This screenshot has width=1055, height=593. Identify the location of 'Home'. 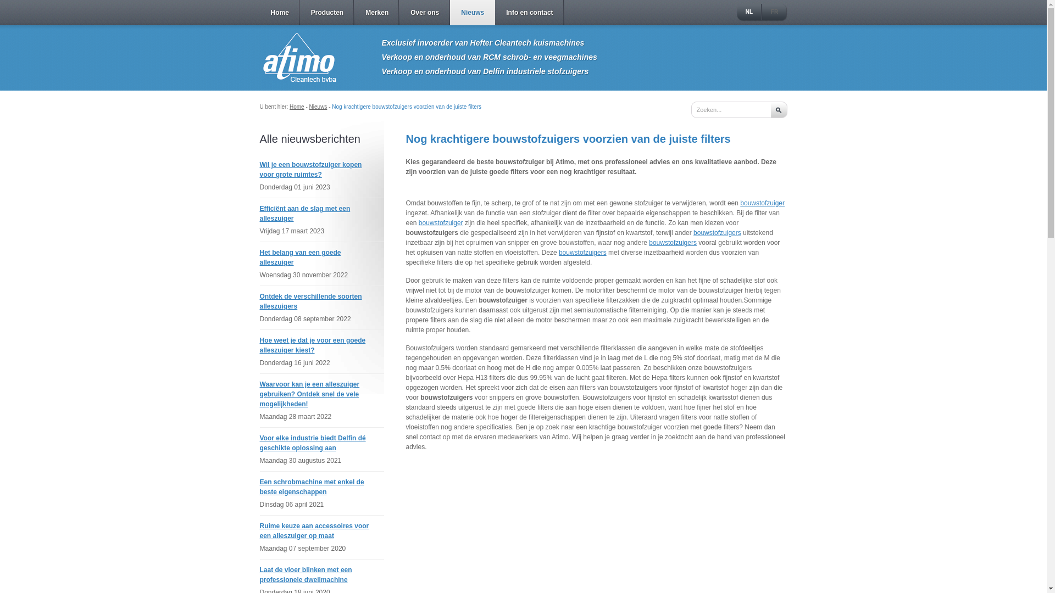
(297, 107).